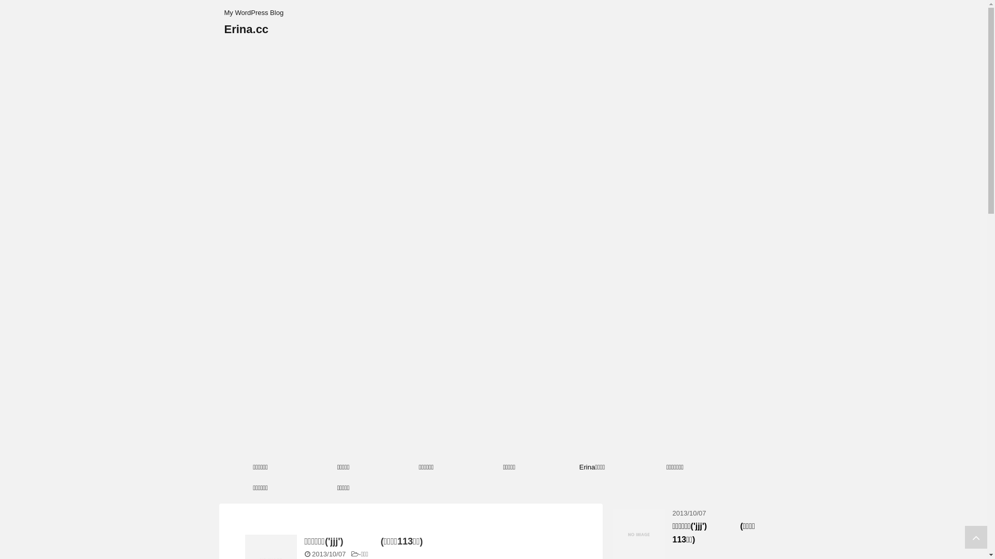  I want to click on 'Erina.cc', so click(246, 28).